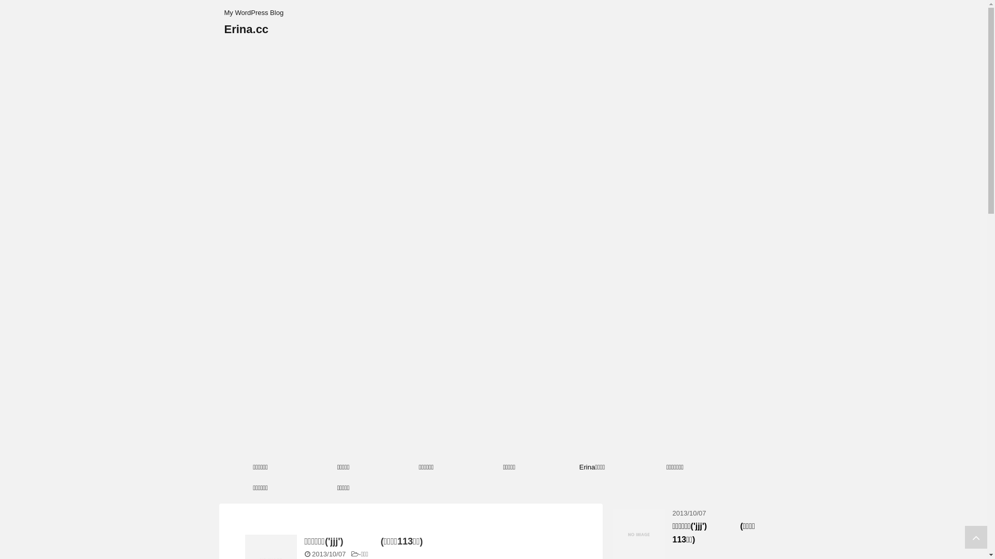  I want to click on 'Erina.cc', so click(246, 28).